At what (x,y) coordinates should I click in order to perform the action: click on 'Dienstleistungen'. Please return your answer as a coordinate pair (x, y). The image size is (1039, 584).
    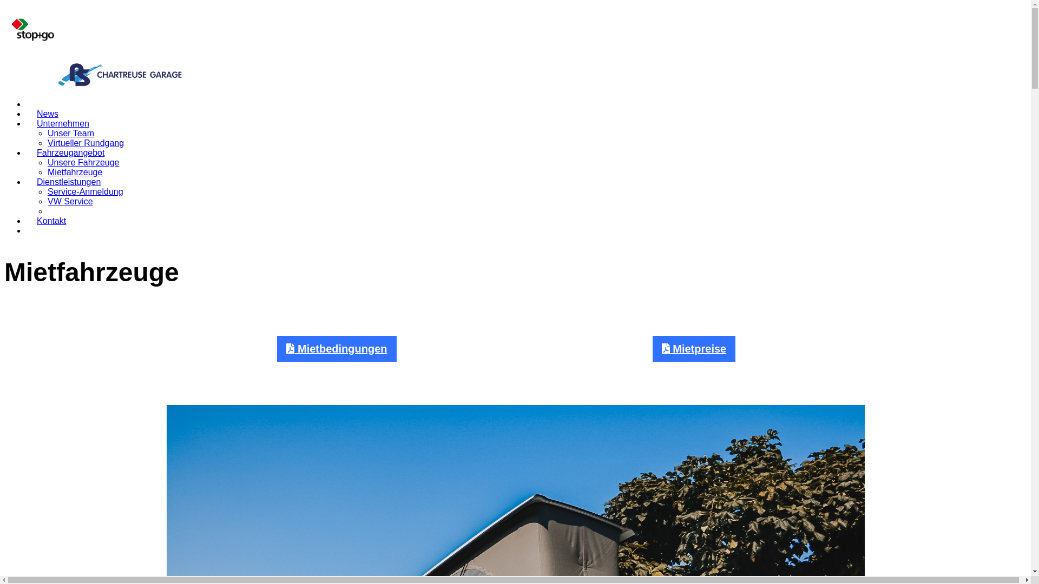
    Looking at the image, I should click on (68, 181).